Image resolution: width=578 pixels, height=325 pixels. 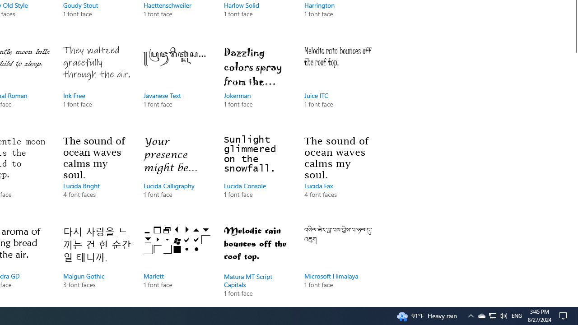 I want to click on 'Lucida Bright, 4 font faces', so click(x=97, y=176).